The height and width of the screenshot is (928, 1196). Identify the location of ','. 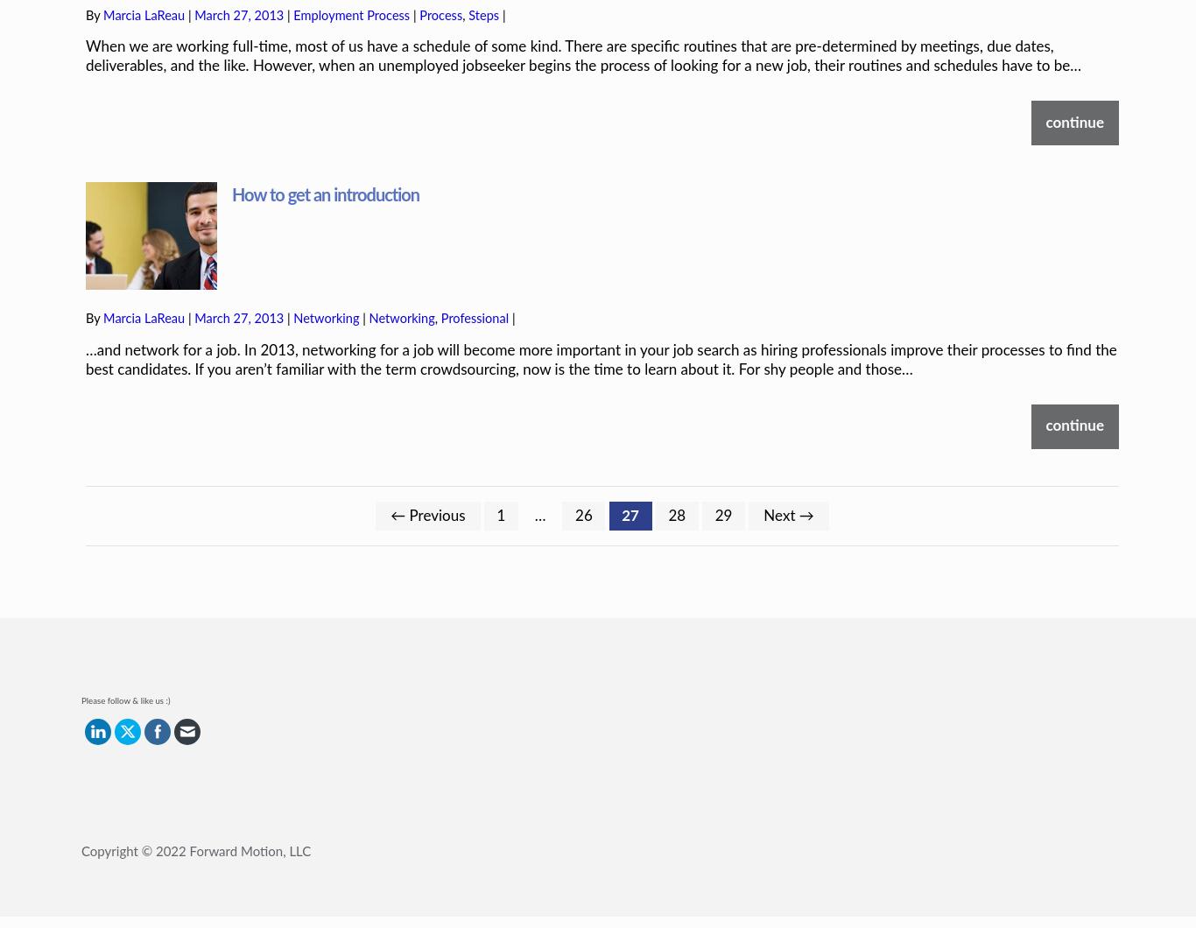
(437, 259).